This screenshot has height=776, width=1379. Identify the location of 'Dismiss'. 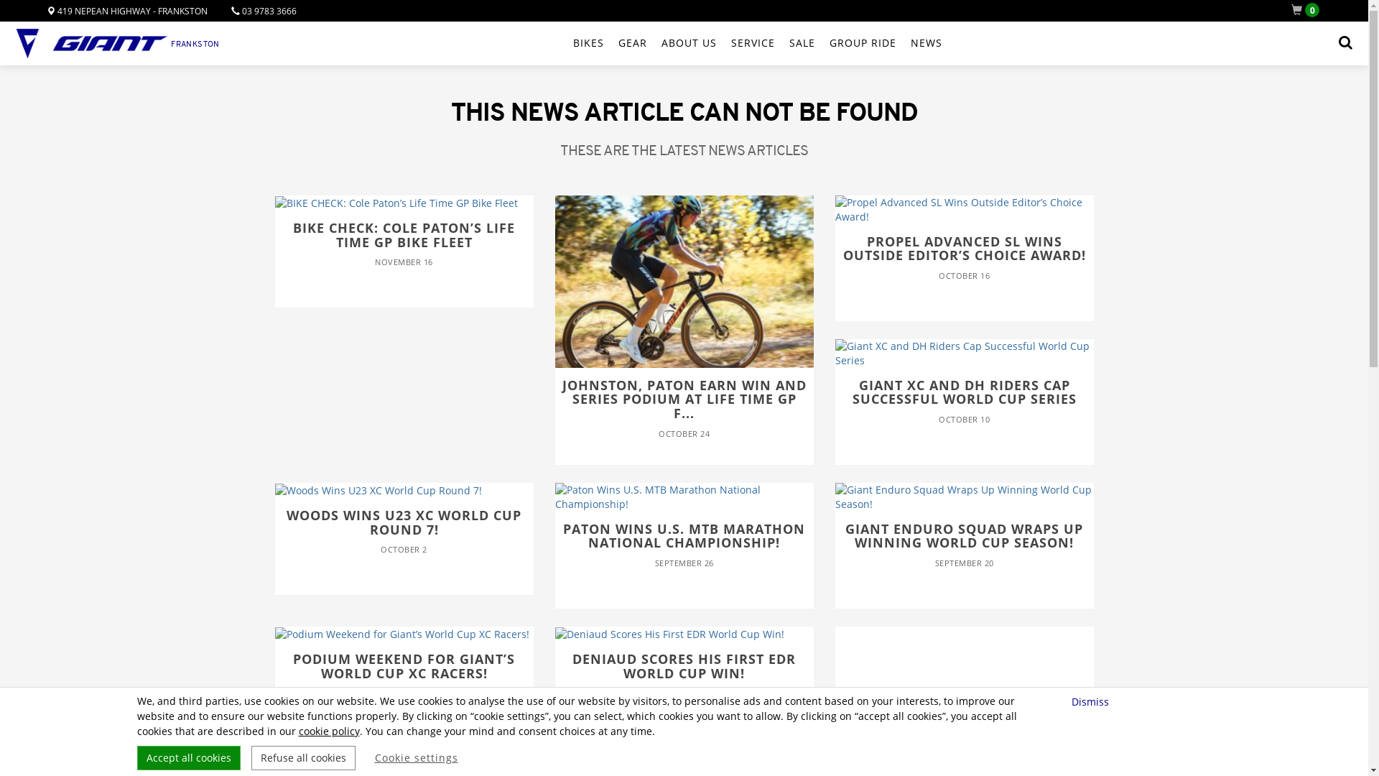
(1092, 701).